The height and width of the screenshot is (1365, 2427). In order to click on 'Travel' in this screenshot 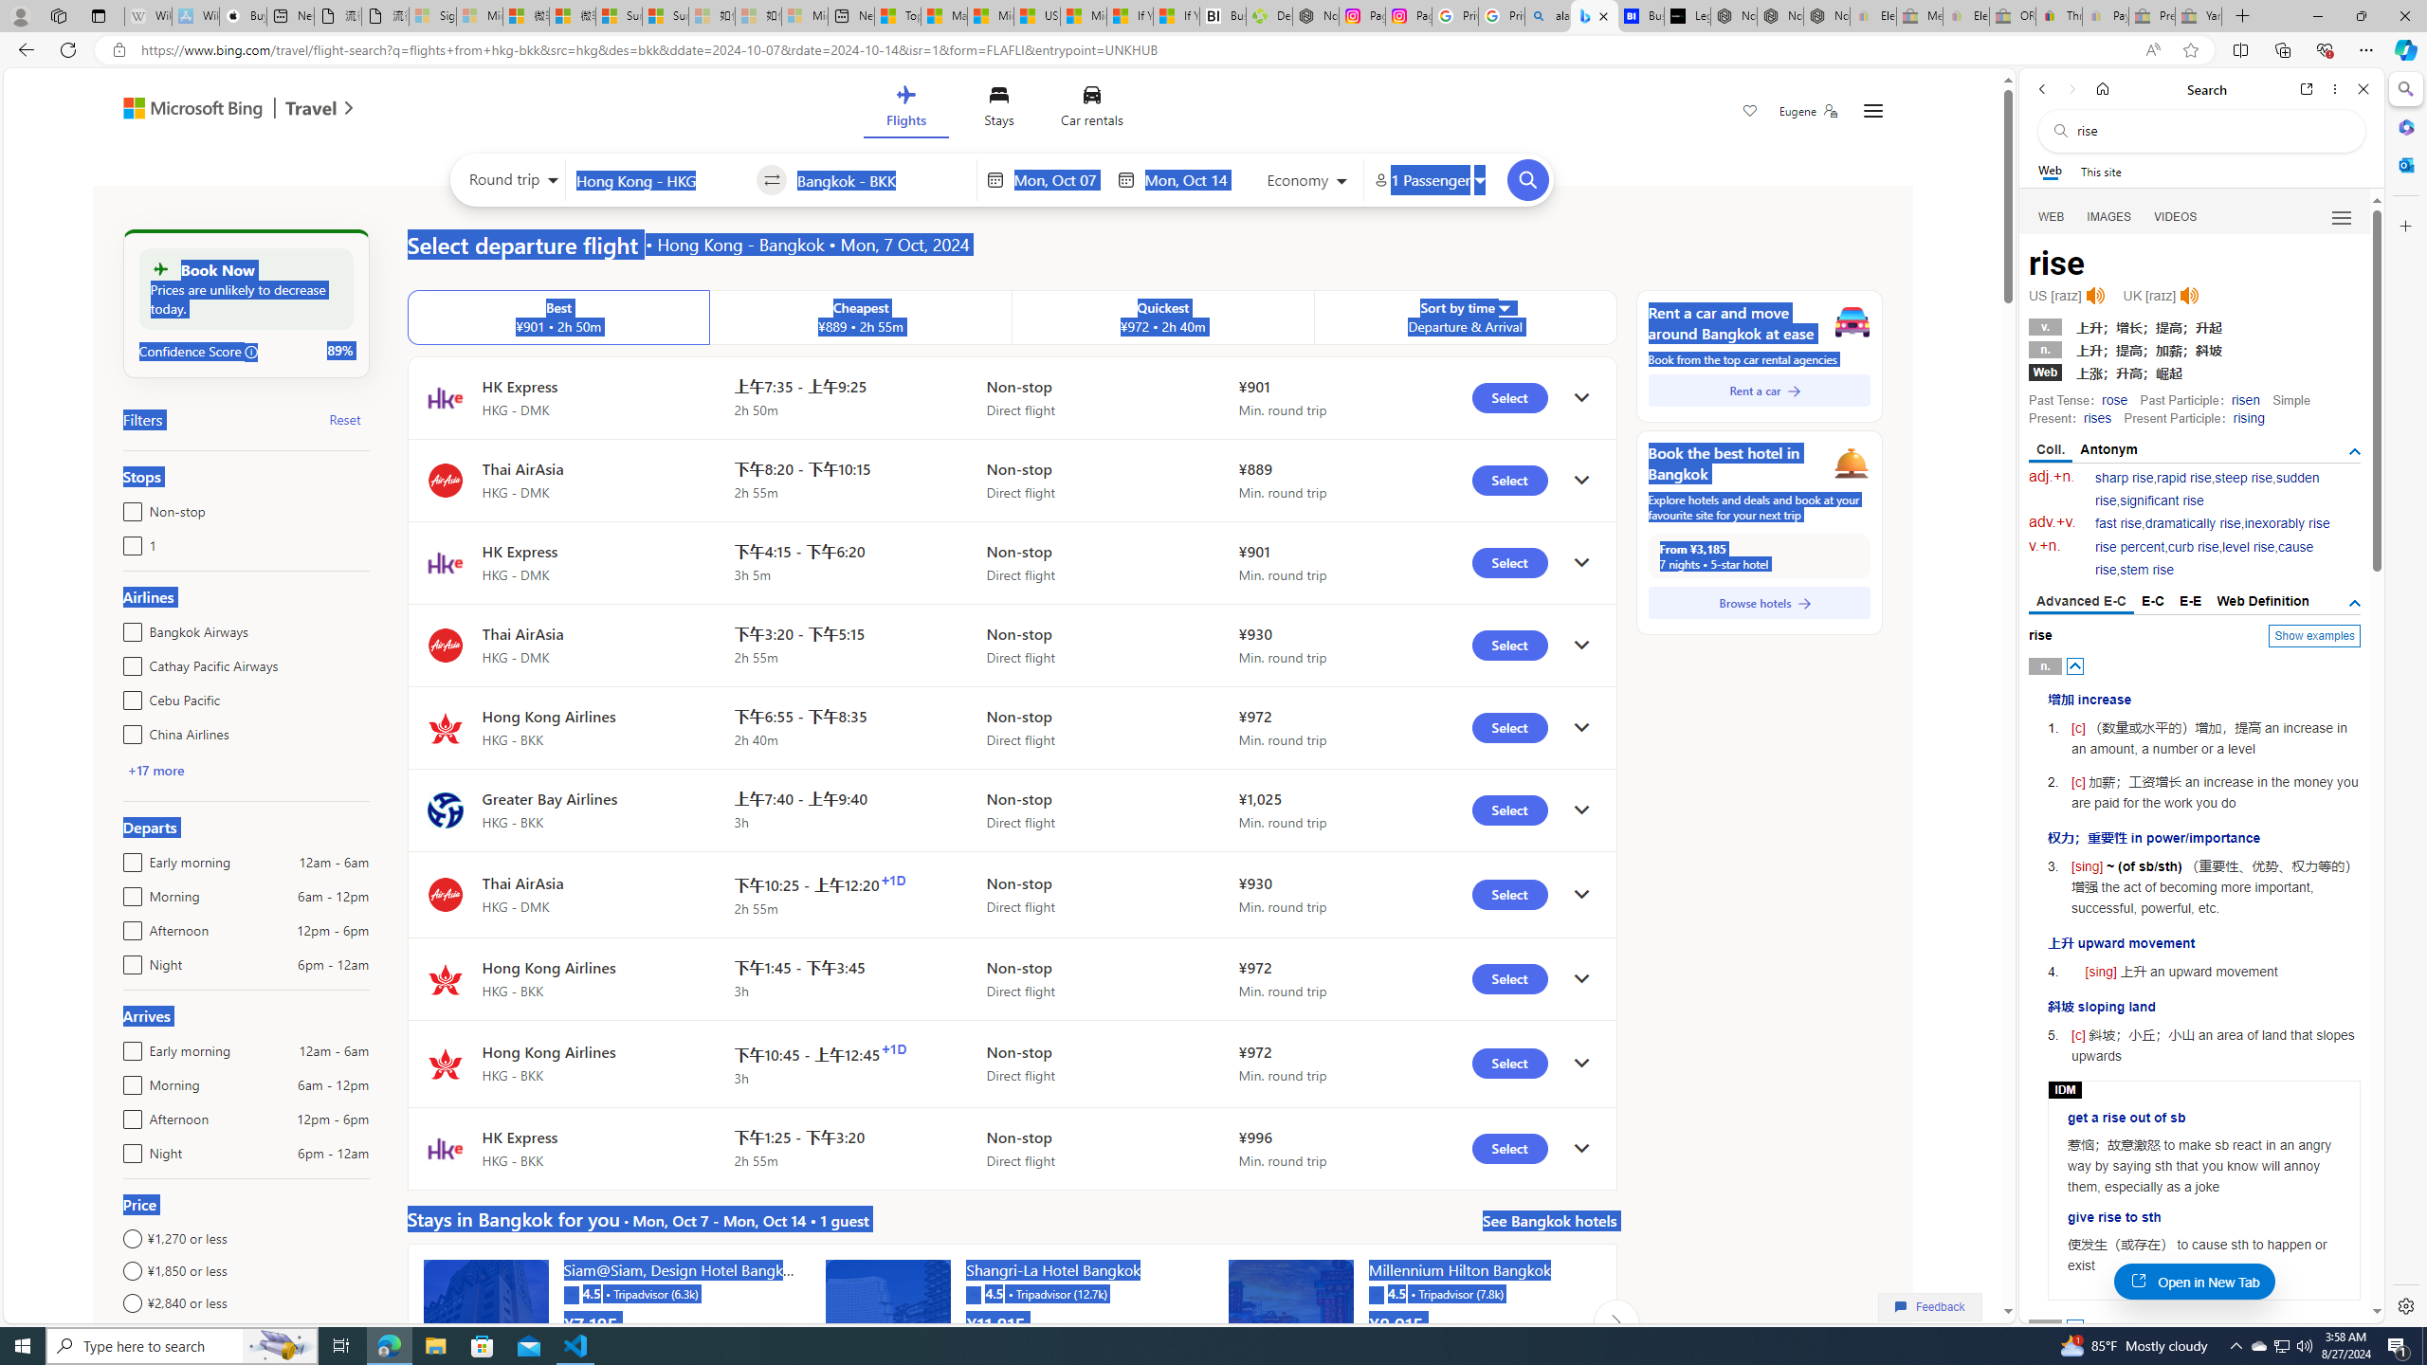, I will do `click(310, 109)`.